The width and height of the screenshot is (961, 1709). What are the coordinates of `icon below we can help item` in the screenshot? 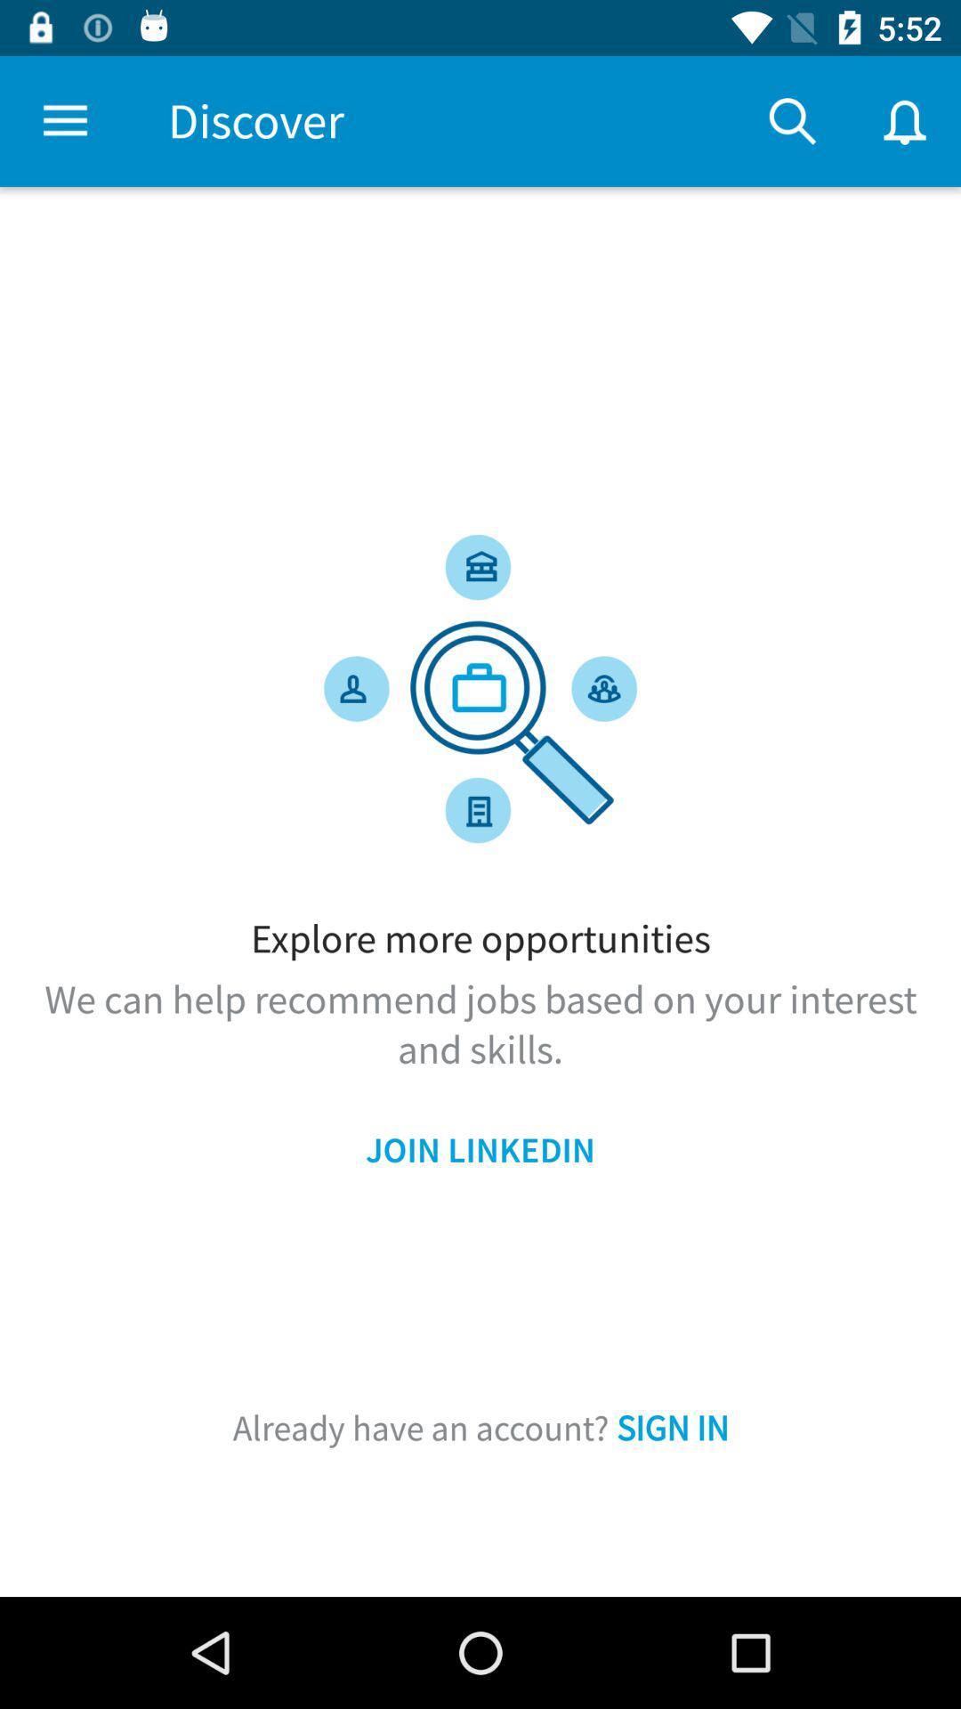 It's located at (480, 1150).